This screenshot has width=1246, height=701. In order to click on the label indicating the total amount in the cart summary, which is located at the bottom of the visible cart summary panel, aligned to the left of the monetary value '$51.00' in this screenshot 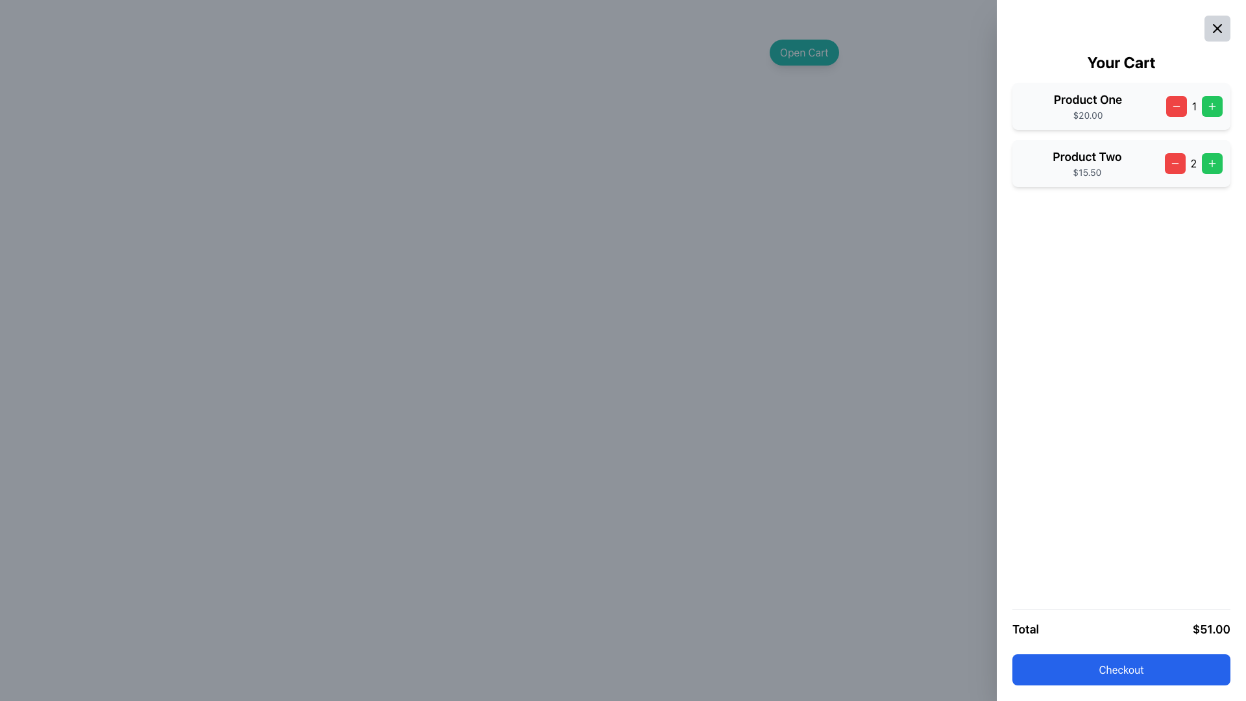, I will do `click(1025, 628)`.